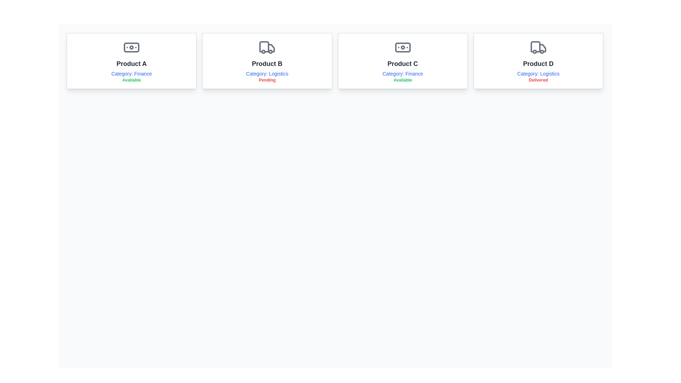  I want to click on the 'Delivered' status label in red text at the bottom of the 'Product D' card, so click(538, 80).